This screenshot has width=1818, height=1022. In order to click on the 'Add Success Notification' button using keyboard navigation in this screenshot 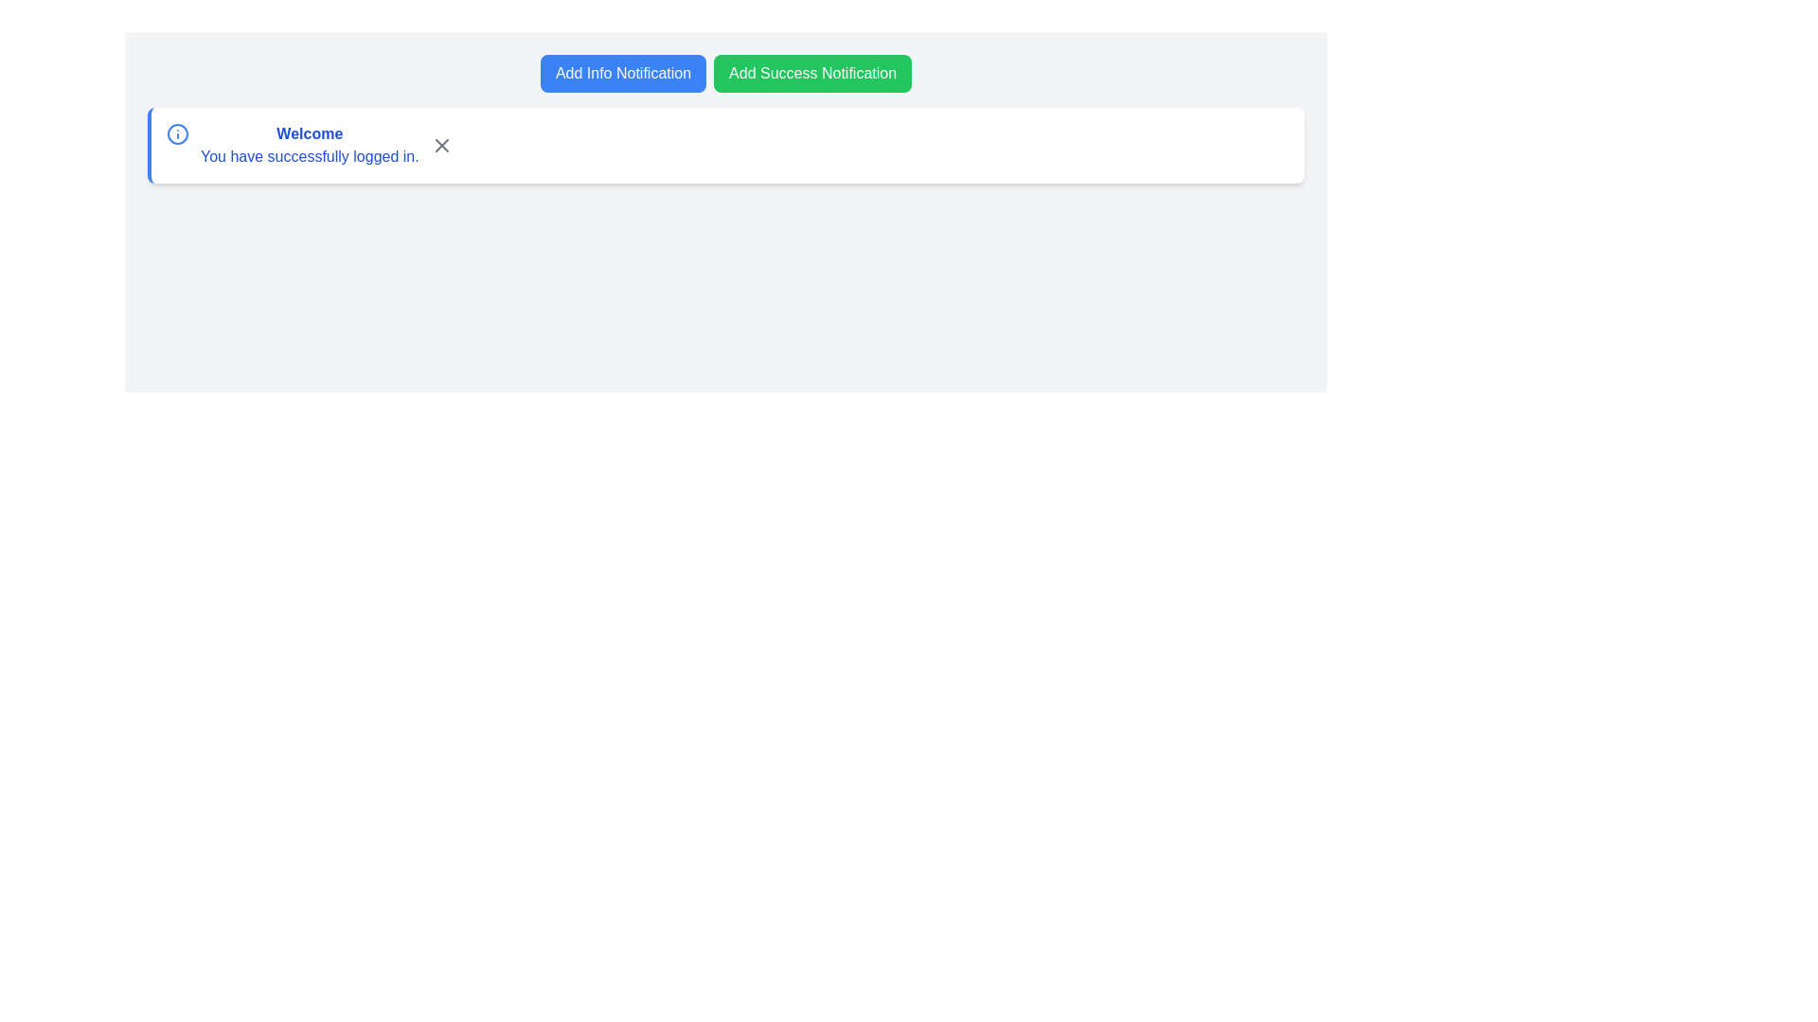, I will do `click(812, 72)`.